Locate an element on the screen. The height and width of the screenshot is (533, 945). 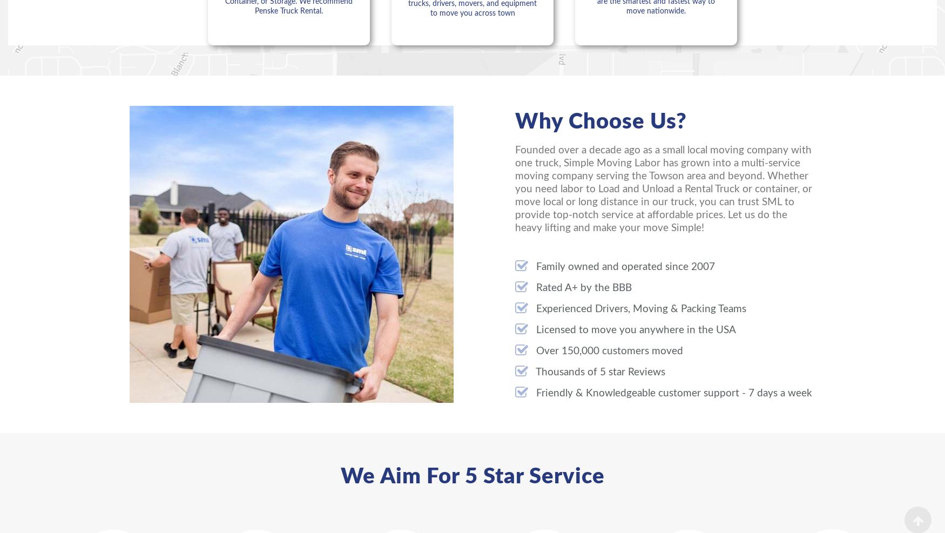
'Family owned and operated since 2007' is located at coordinates (624, 266).